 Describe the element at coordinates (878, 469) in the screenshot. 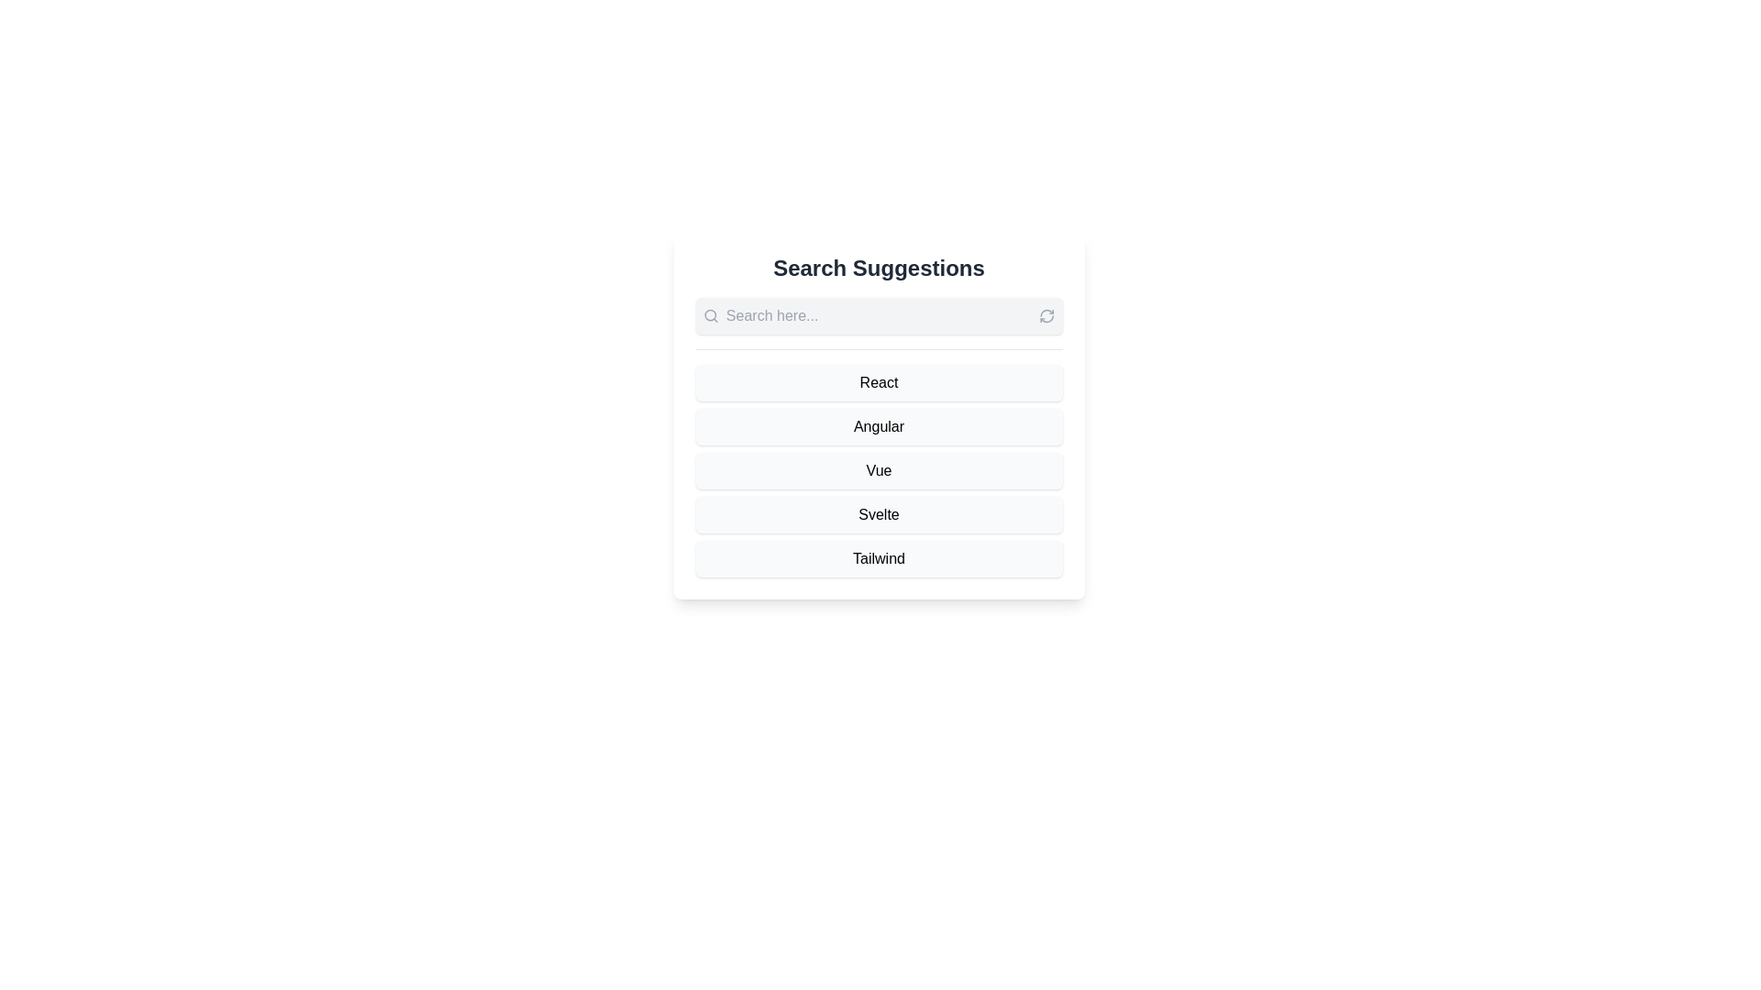

I see `the third option in the dropdown list` at that location.